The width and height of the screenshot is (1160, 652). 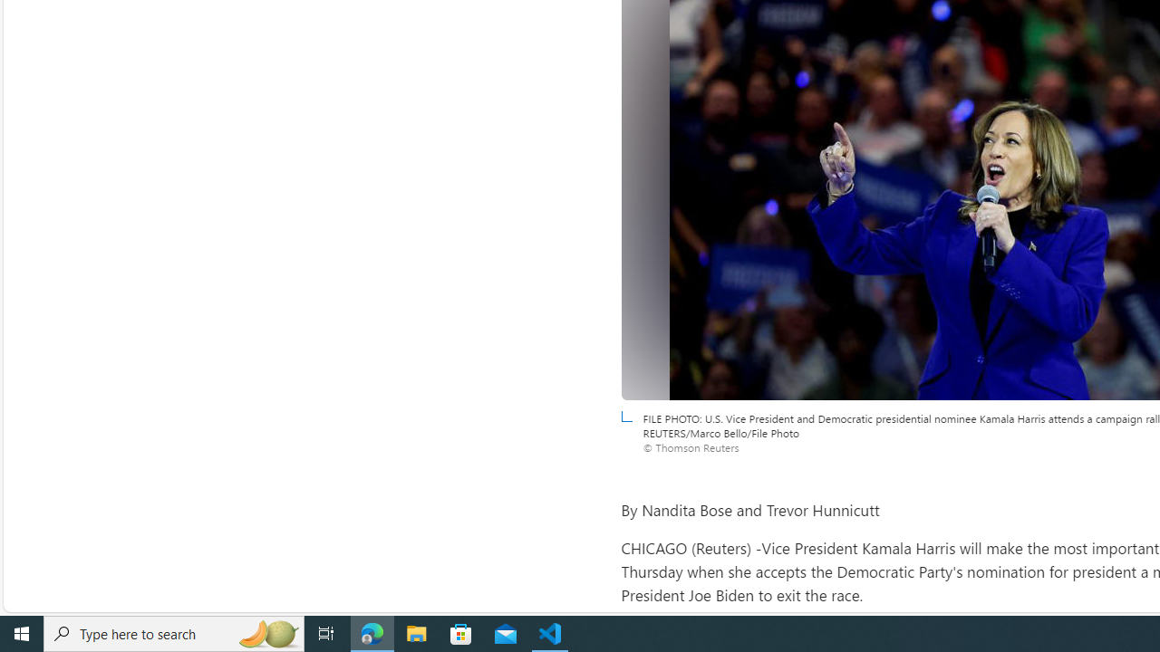 What do you see at coordinates (22, 632) in the screenshot?
I see `'Start'` at bounding box center [22, 632].